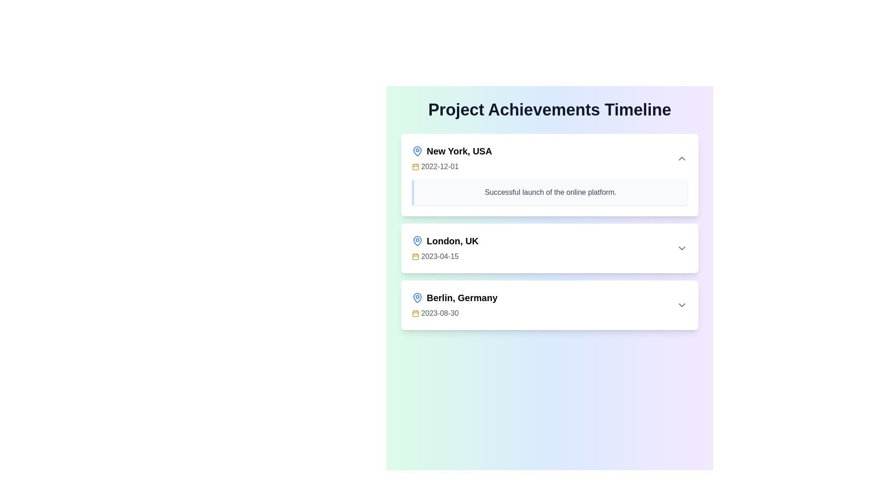  Describe the element at coordinates (452, 151) in the screenshot. I see `the header element displaying 'New York, USA' with a blue location marker icon, which is positioned at the top of the list item` at that location.